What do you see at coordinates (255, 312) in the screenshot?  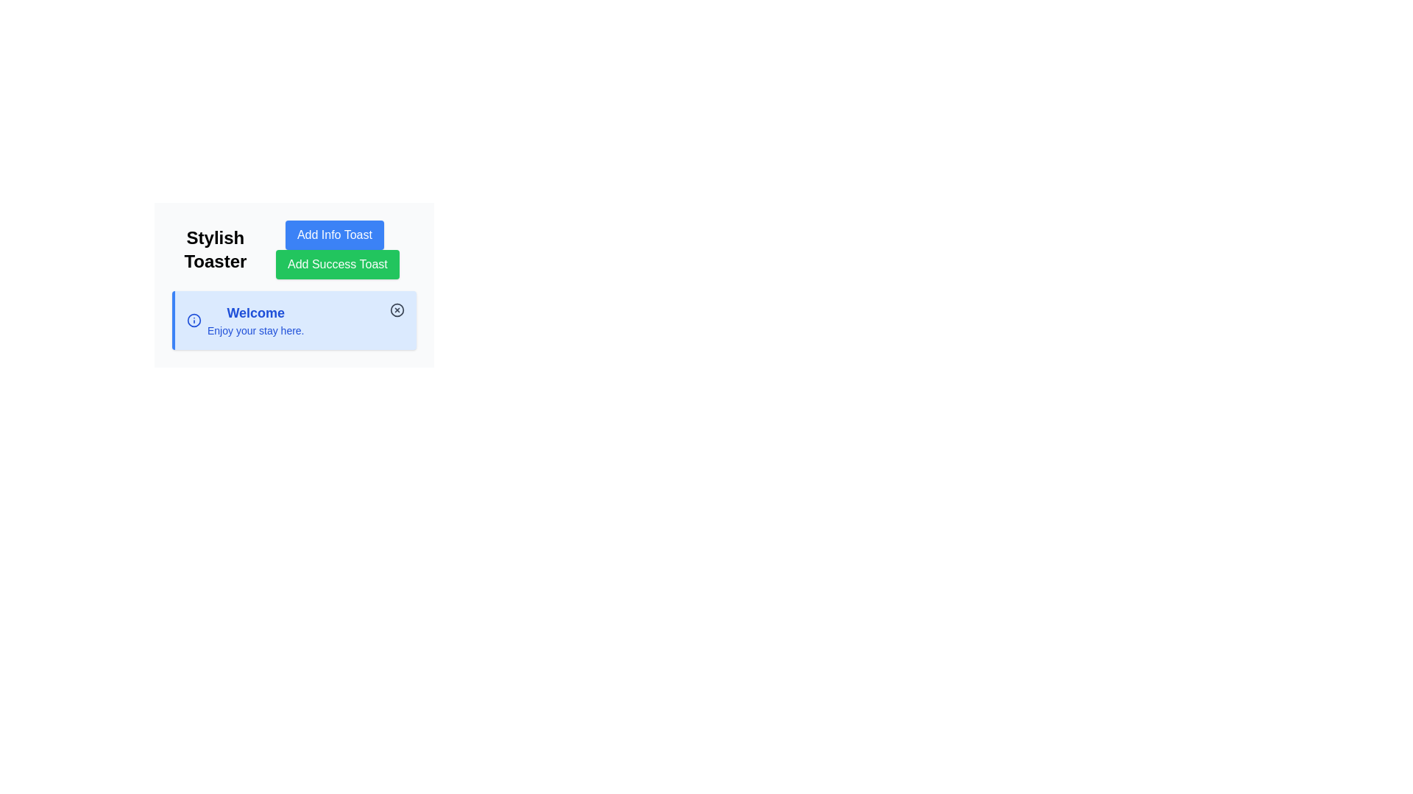 I see `the welcoming message text label that serves as the title or greeting for the section, positioned centrally above the text saying 'Enjoy your stay here.'` at bounding box center [255, 312].